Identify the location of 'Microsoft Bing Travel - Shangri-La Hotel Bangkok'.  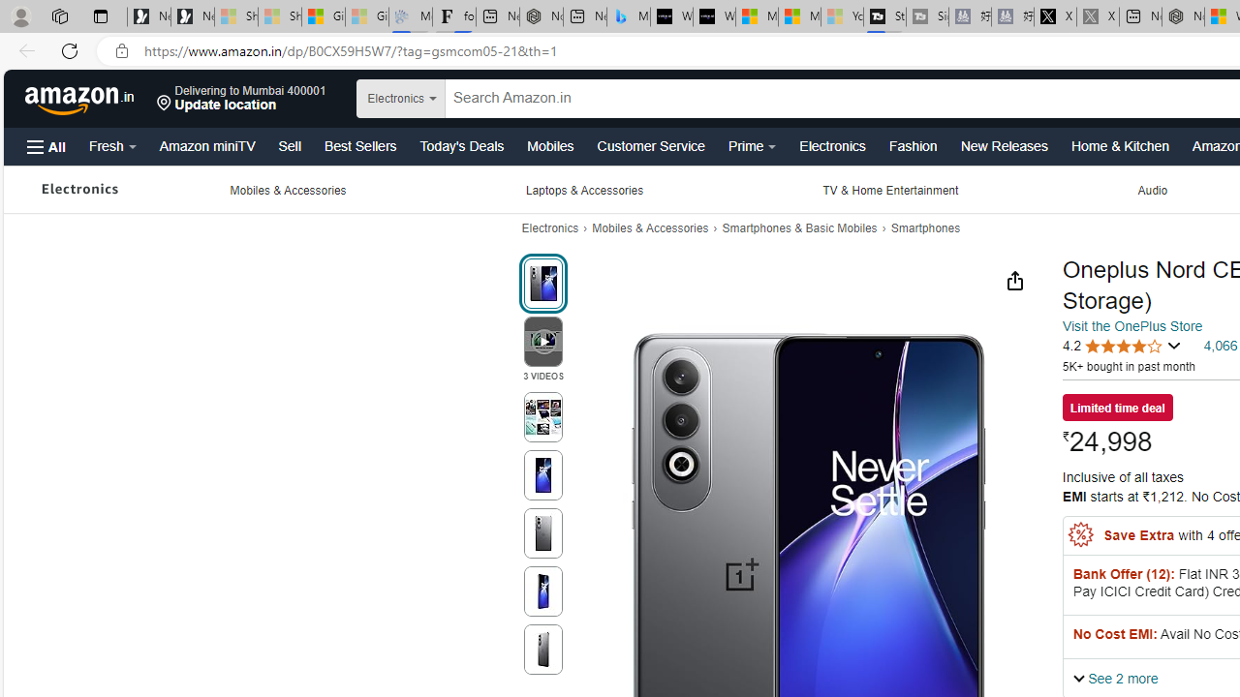
(628, 16).